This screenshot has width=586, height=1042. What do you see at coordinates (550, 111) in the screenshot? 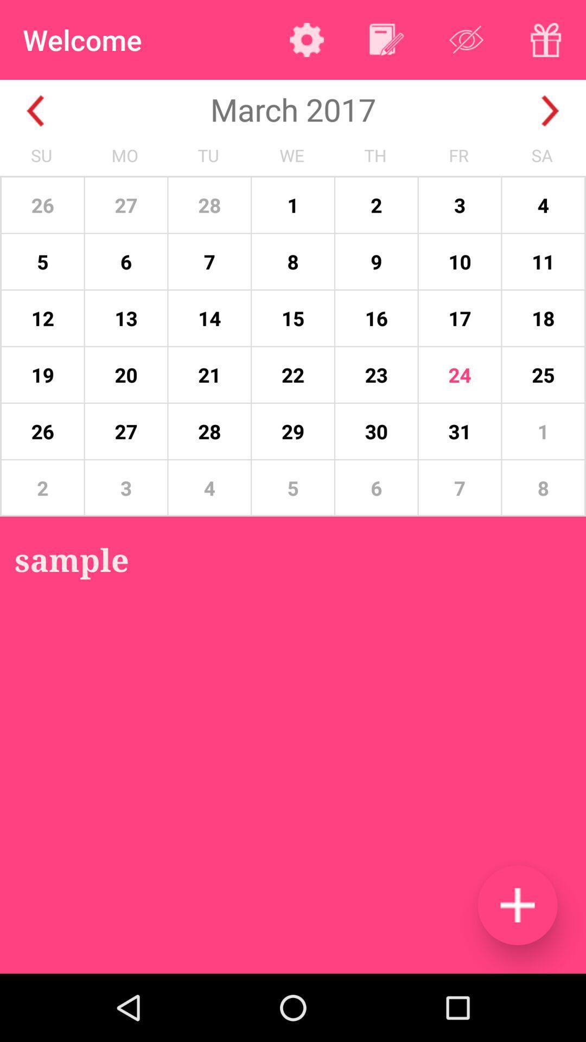
I see `this will take you to the next month` at bounding box center [550, 111].